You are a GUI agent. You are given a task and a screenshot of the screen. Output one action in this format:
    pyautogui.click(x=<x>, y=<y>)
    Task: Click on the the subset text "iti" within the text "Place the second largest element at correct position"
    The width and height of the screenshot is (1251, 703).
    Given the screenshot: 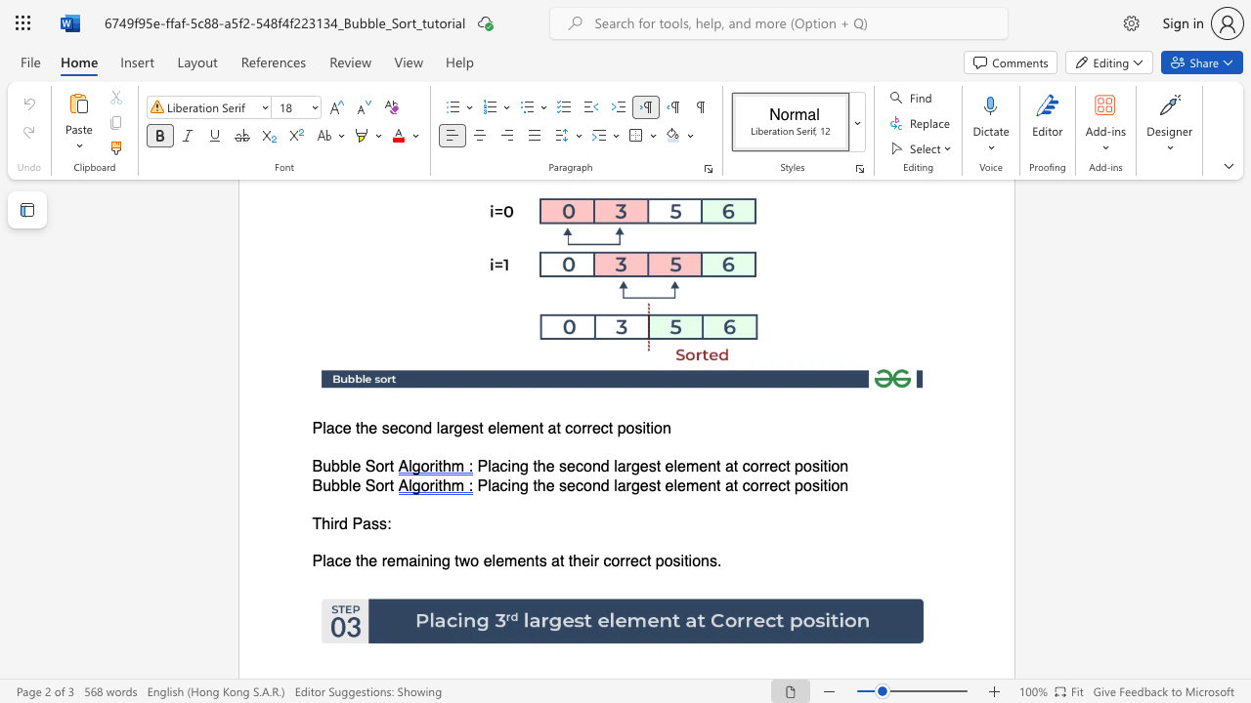 What is the action you would take?
    pyautogui.click(x=642, y=428)
    